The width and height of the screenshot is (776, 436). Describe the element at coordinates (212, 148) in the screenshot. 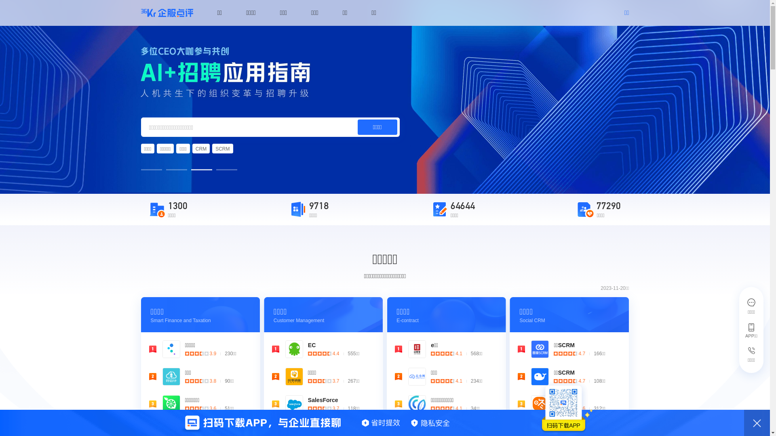

I see `'SCRM'` at that location.